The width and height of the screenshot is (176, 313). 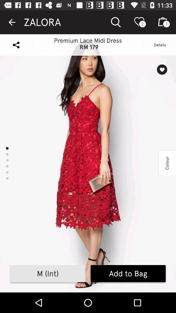 I want to click on the search option, so click(x=116, y=22).